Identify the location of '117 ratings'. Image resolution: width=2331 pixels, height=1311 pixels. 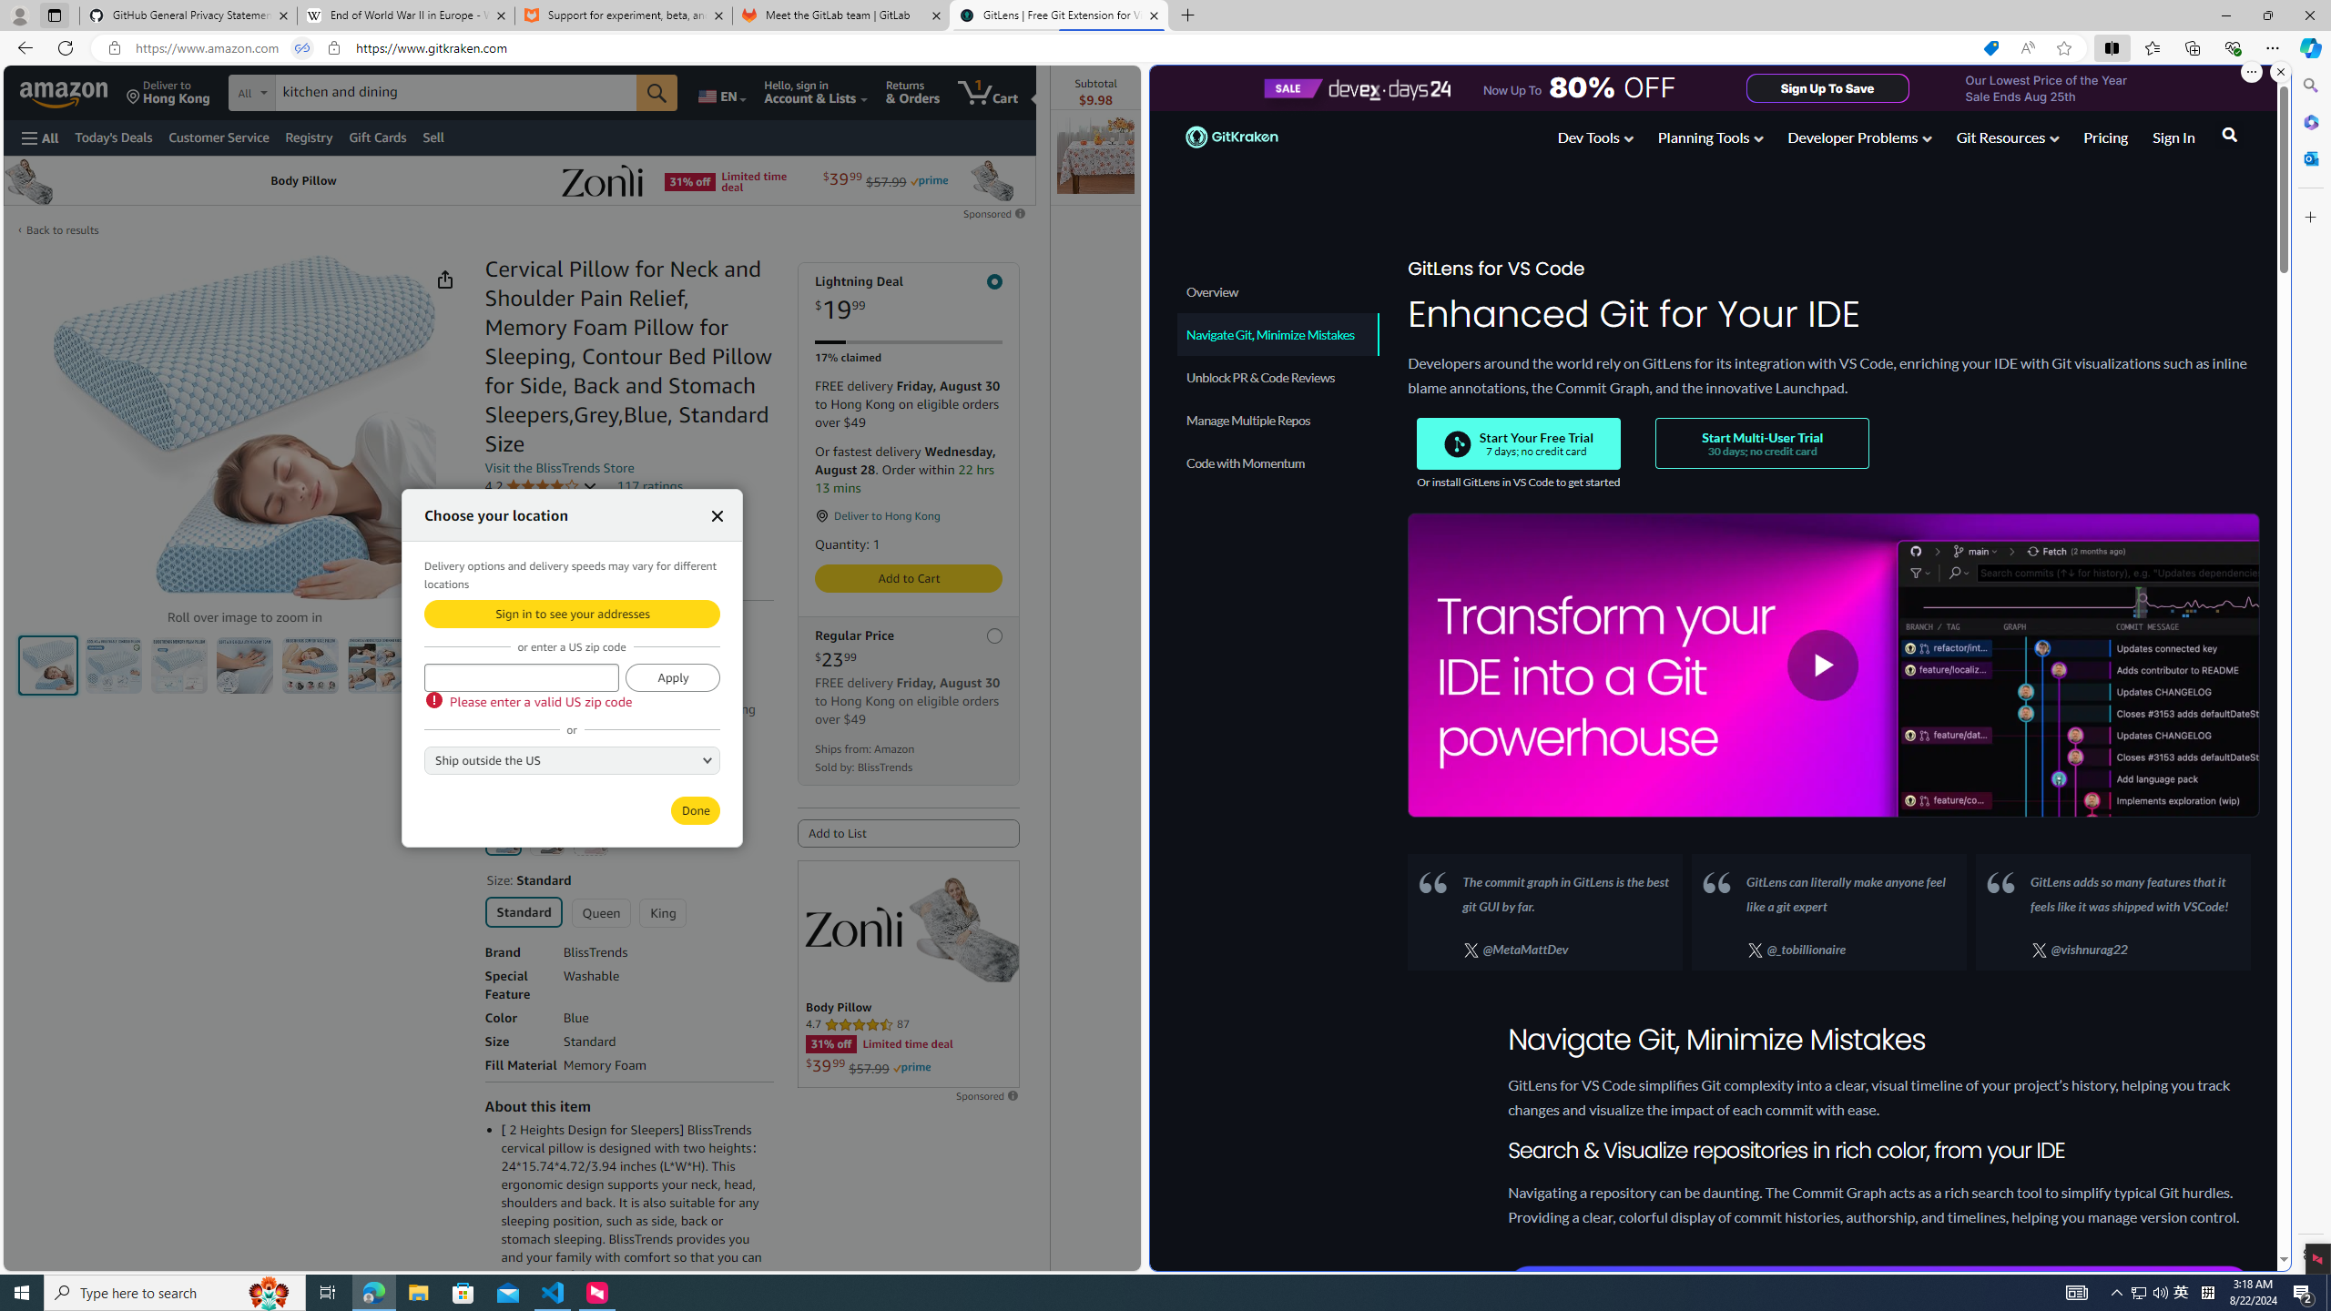
(648, 485).